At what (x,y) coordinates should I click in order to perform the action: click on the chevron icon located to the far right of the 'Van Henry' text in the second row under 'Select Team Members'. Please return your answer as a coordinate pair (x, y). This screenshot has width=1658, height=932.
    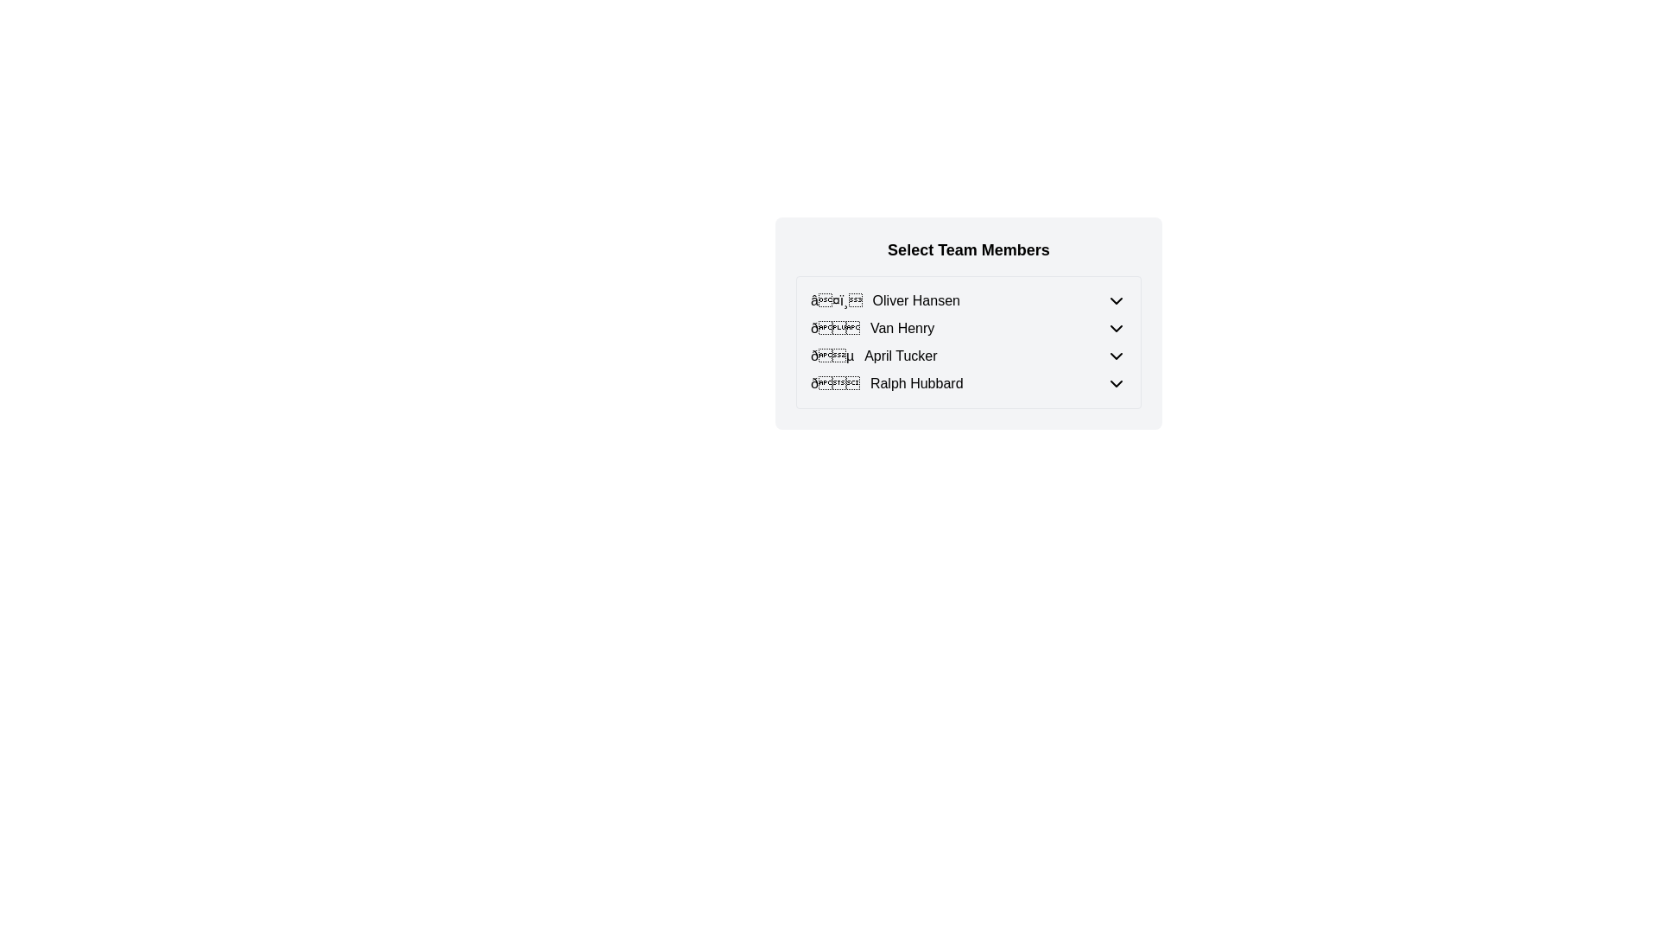
    Looking at the image, I should click on (1116, 329).